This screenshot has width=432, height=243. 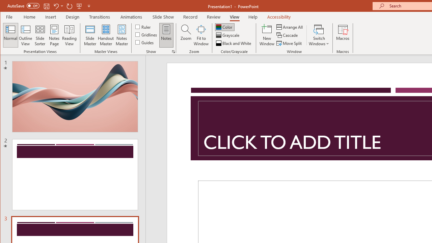 What do you see at coordinates (89, 35) in the screenshot?
I see `'Slide Master'` at bounding box center [89, 35].